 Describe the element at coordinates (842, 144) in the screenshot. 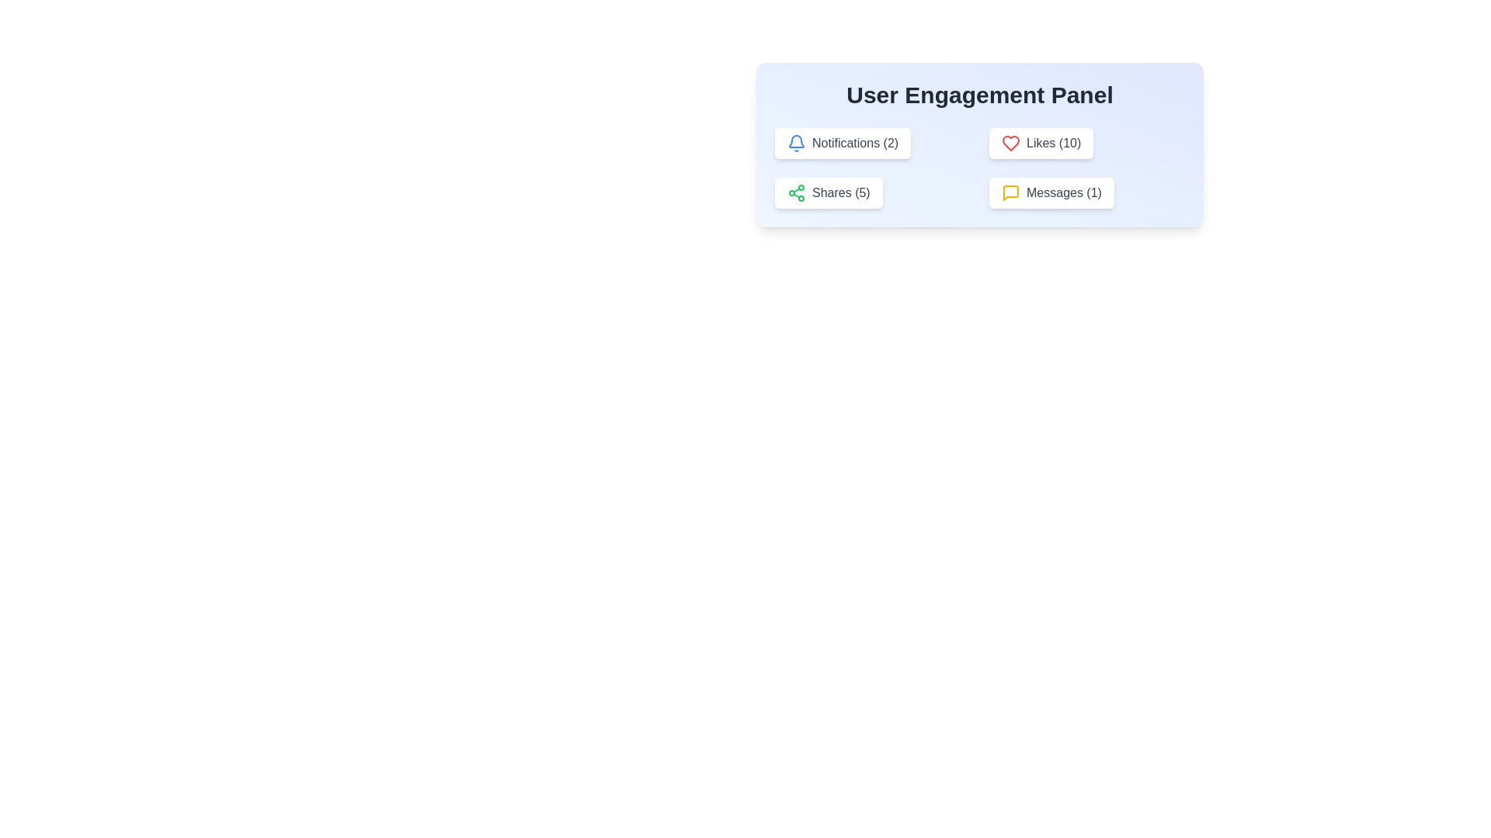

I see `the notification summary button located in the top-left quadrant of the 'User Engagement Panel'` at that location.